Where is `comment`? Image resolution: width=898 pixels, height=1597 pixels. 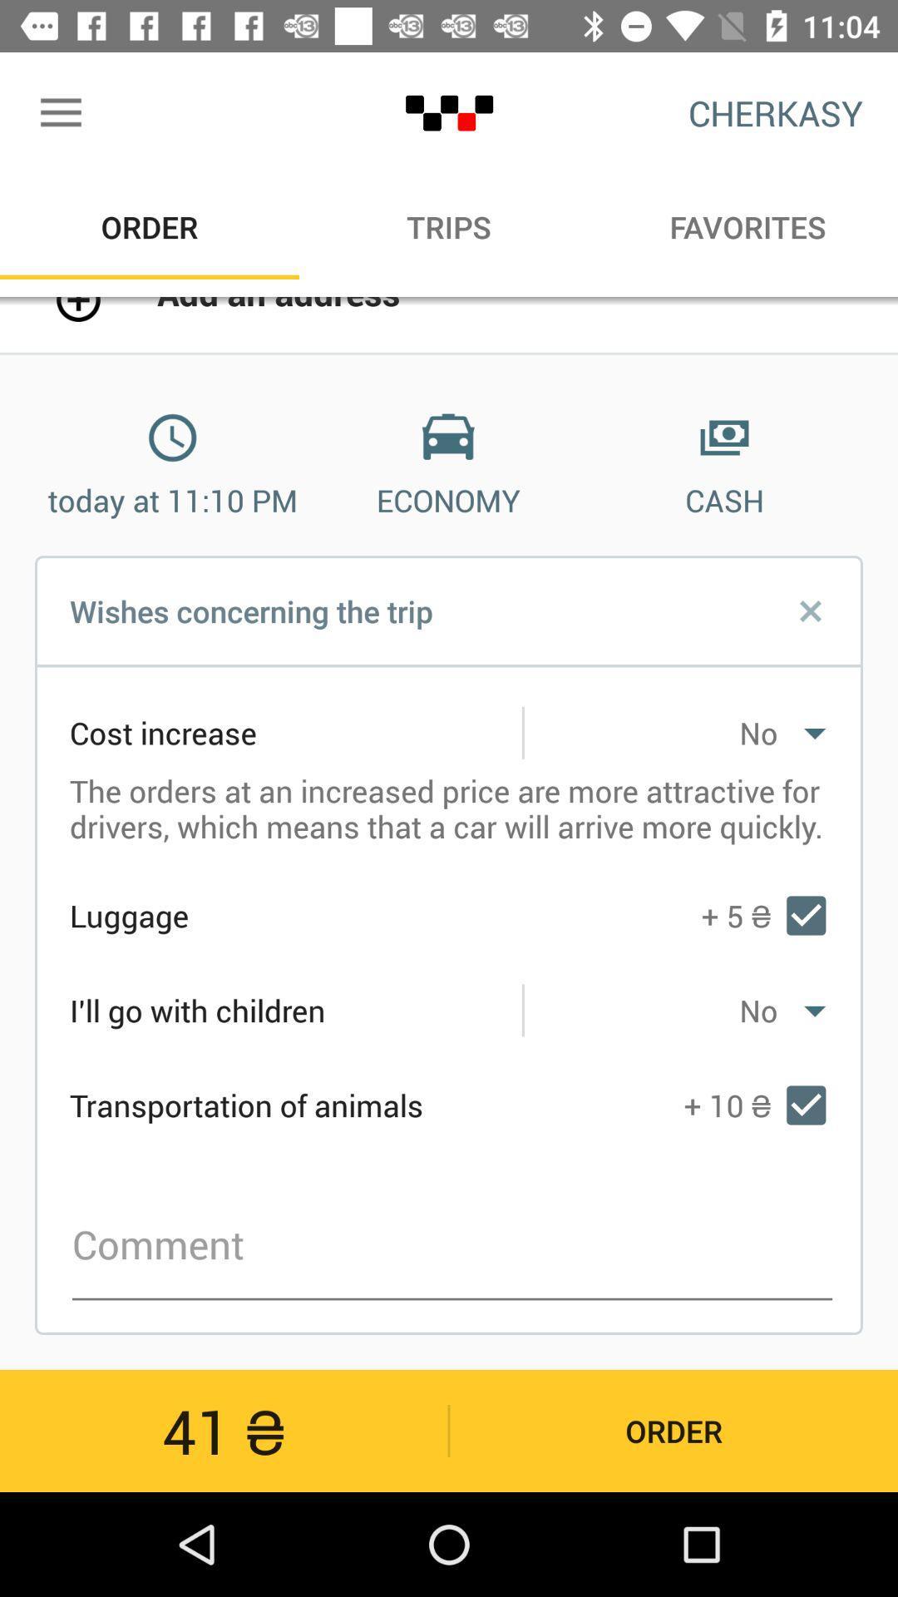 comment is located at coordinates (452, 1245).